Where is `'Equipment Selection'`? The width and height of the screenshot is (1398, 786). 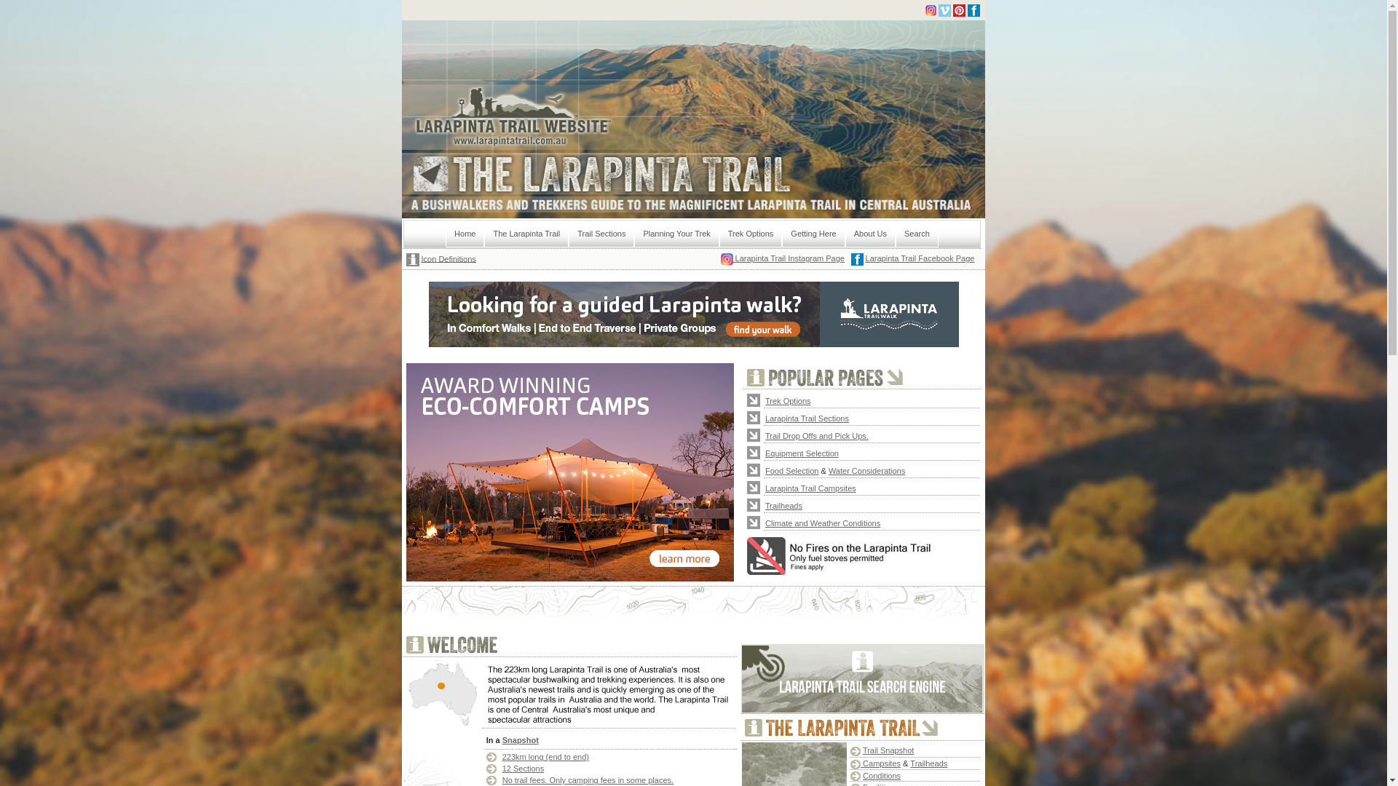 'Equipment Selection' is located at coordinates (801, 451).